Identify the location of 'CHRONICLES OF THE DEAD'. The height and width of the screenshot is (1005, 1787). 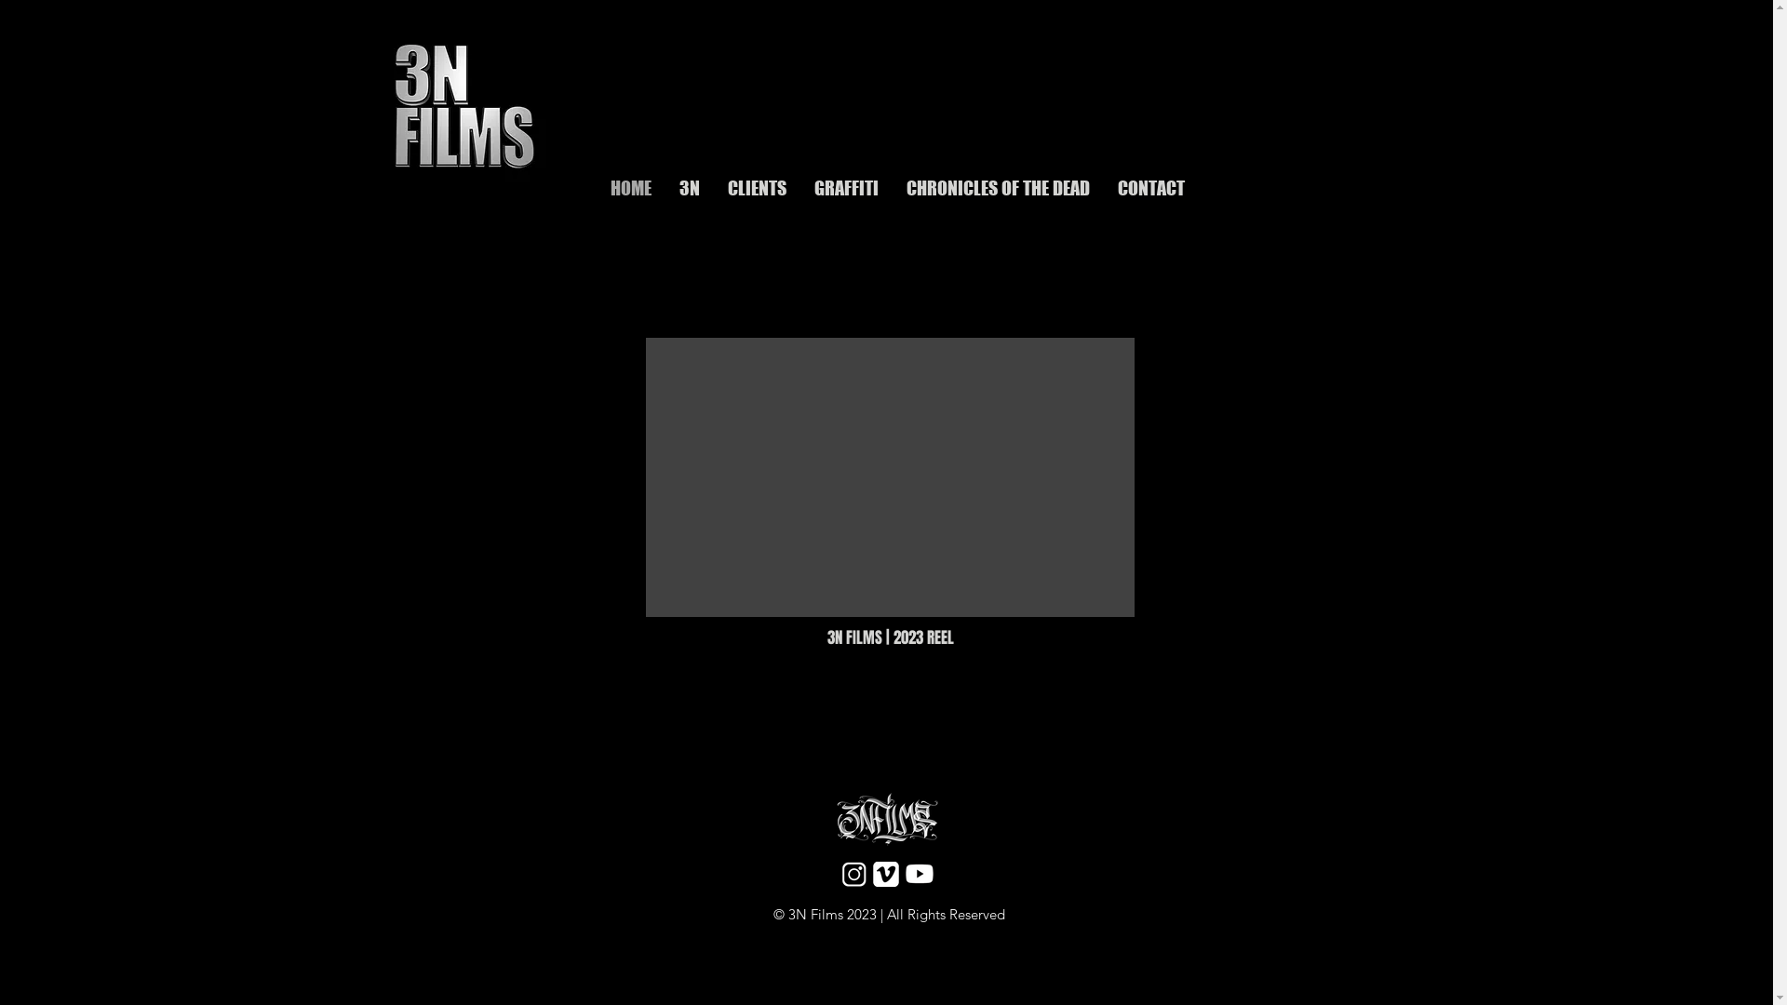
(996, 185).